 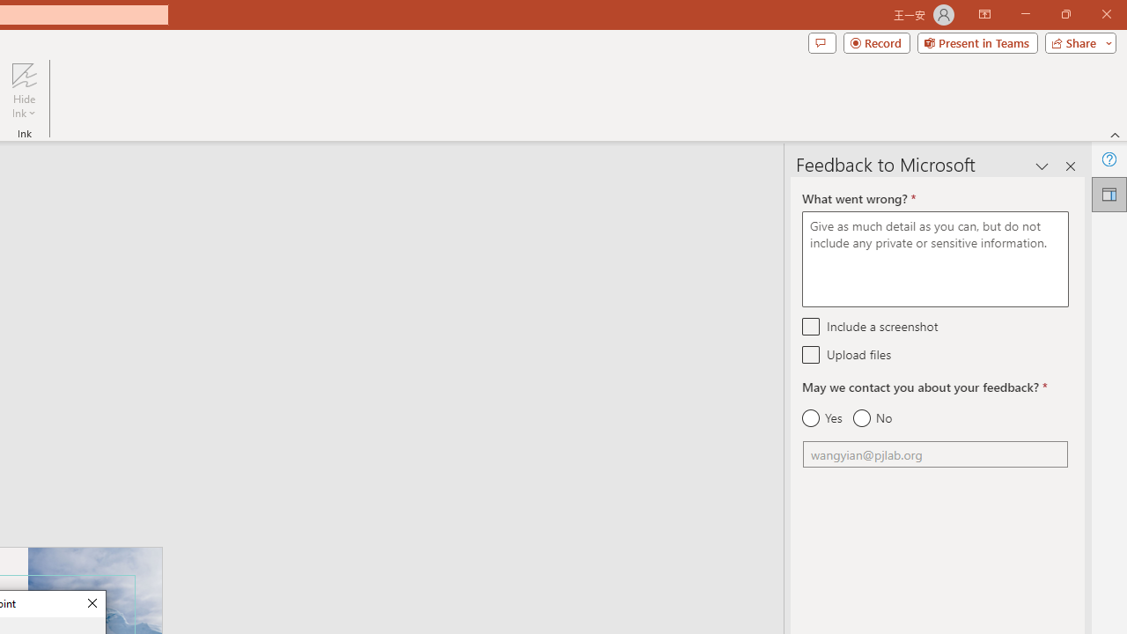 I want to click on 'Hide Ink', so click(x=24, y=74).